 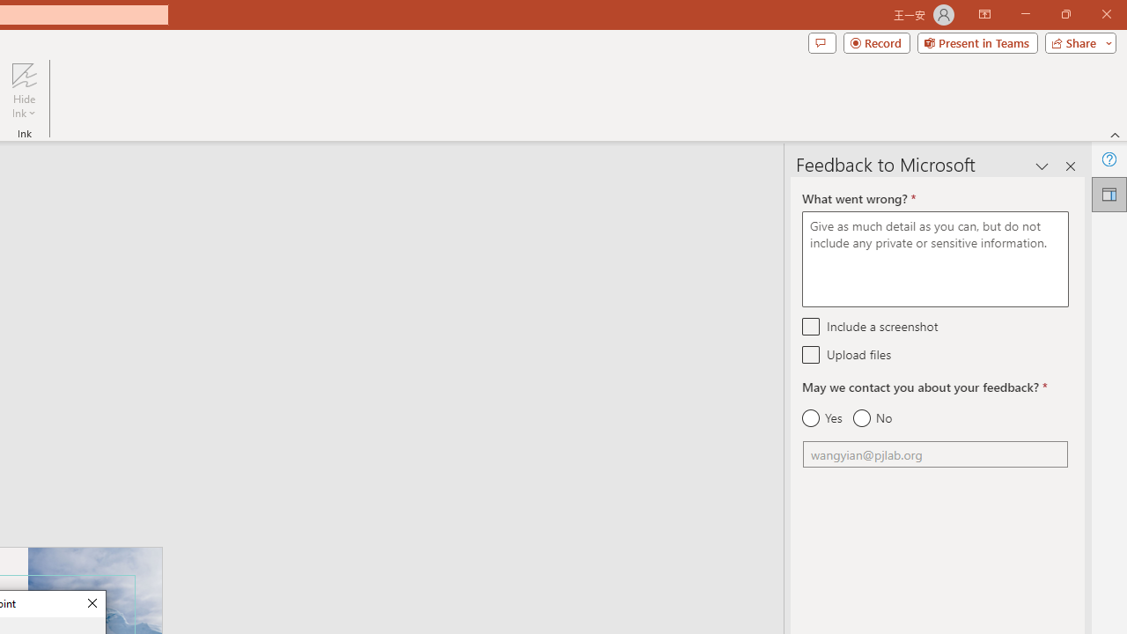 I want to click on 'Hide Ink', so click(x=24, y=74).